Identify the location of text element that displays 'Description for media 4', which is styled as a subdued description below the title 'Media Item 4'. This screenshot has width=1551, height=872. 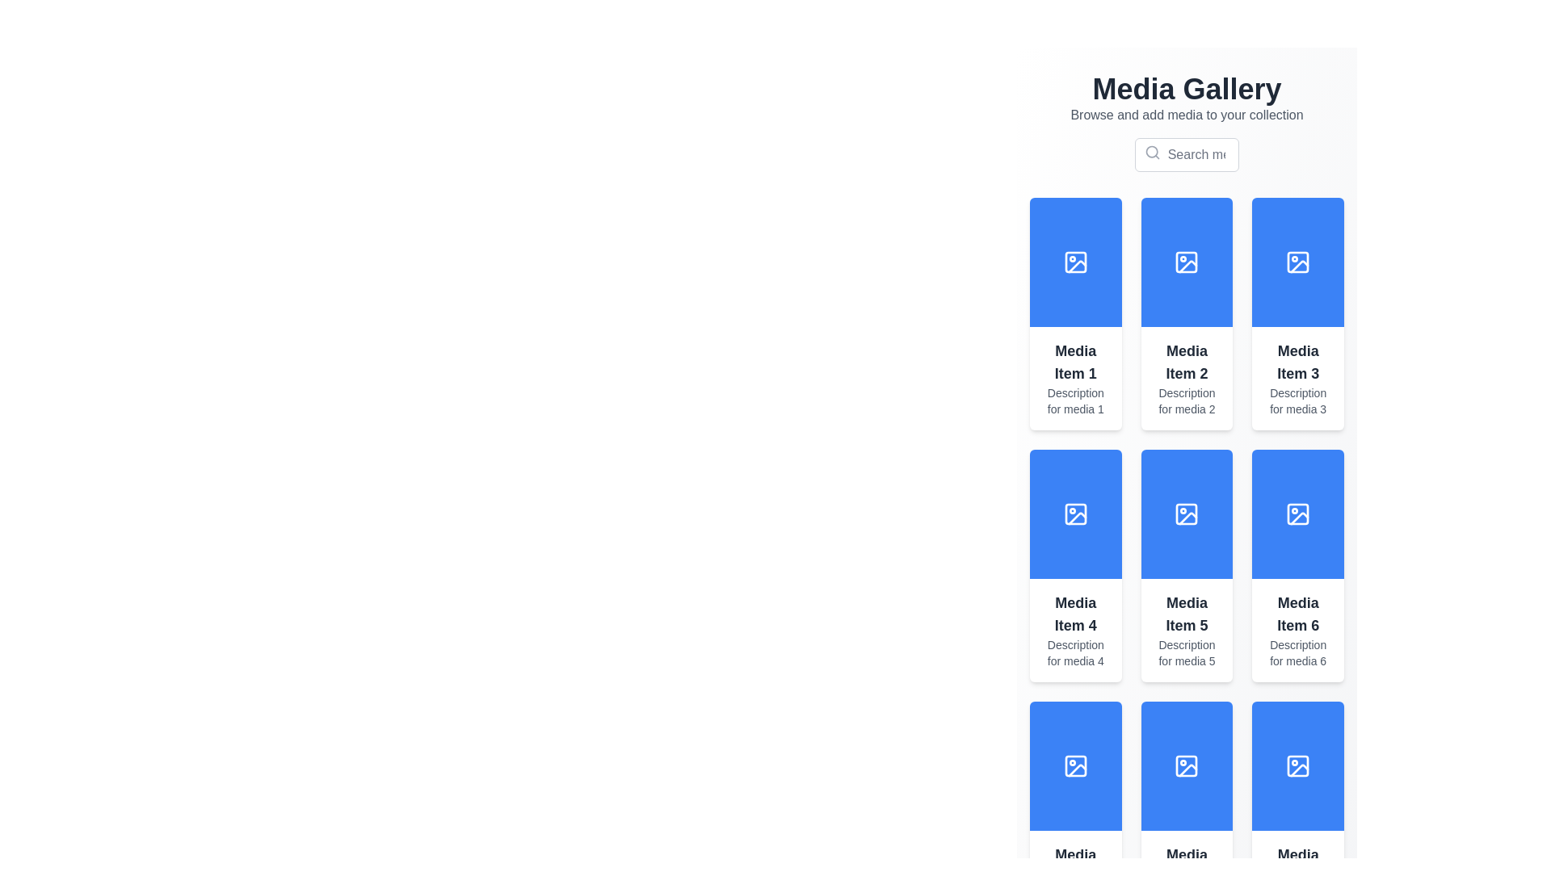
(1075, 652).